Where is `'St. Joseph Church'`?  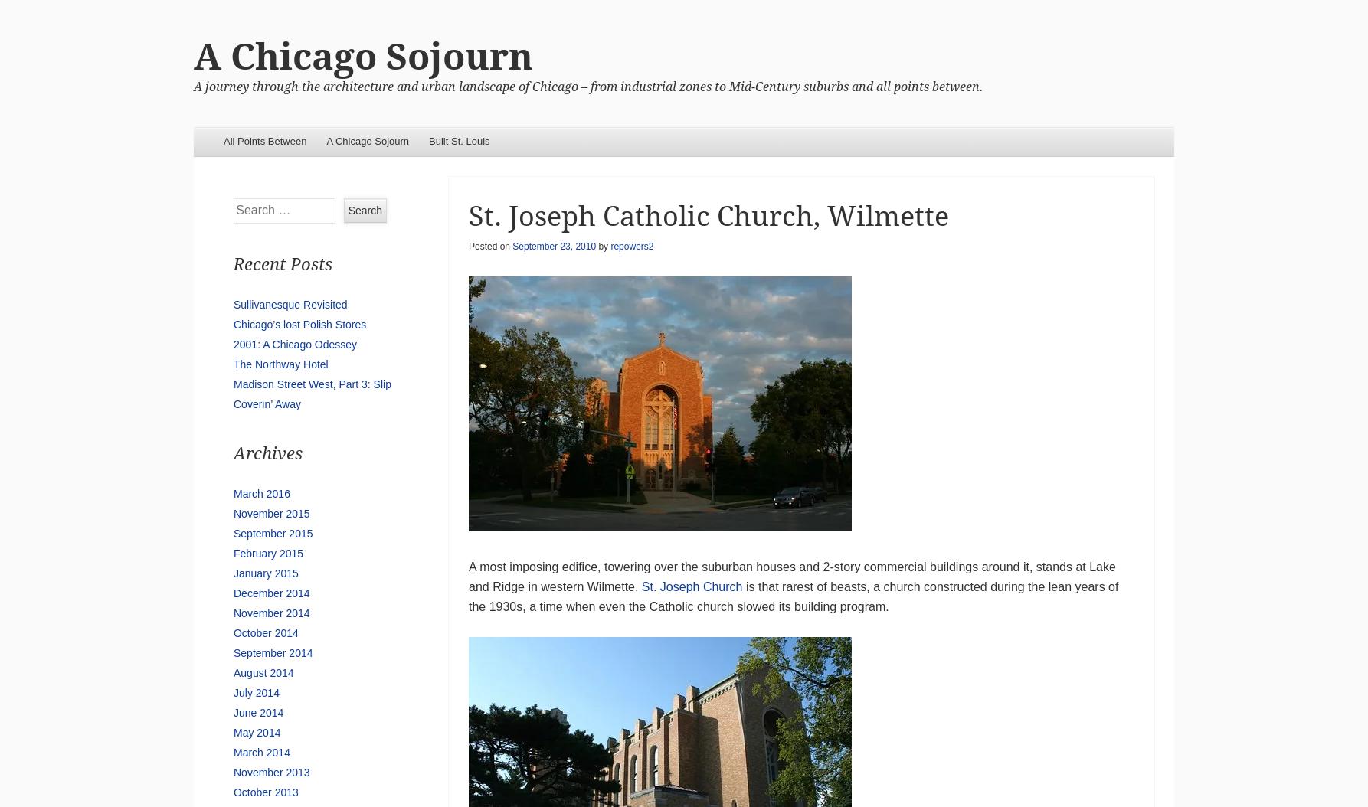
'St. Joseph Church' is located at coordinates (692, 586).